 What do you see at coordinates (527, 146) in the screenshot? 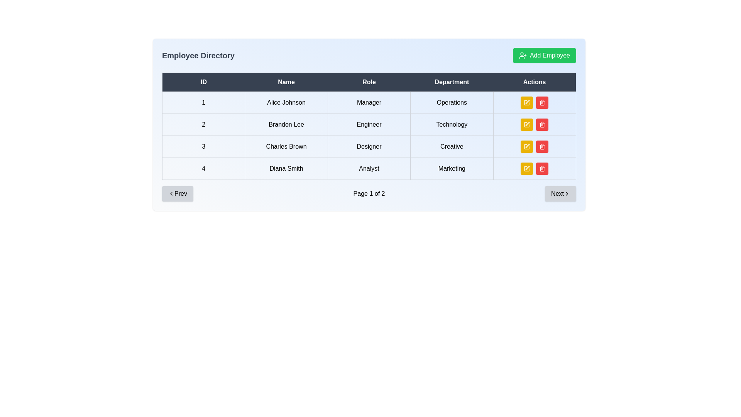
I see `the pen icon button located in the 'Actions' column, third row for user 'Charles Brown'` at bounding box center [527, 146].